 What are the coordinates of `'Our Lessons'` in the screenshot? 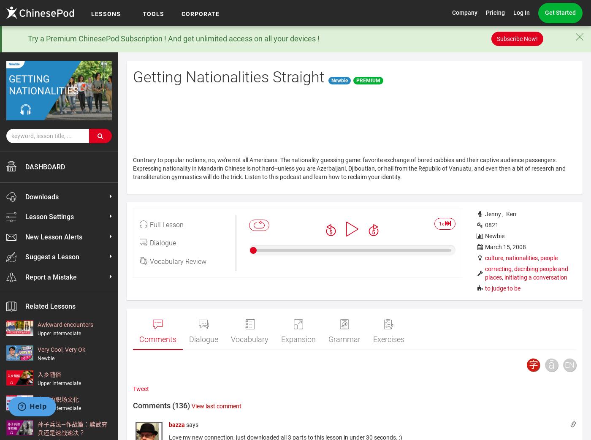 It's located at (181, 40).